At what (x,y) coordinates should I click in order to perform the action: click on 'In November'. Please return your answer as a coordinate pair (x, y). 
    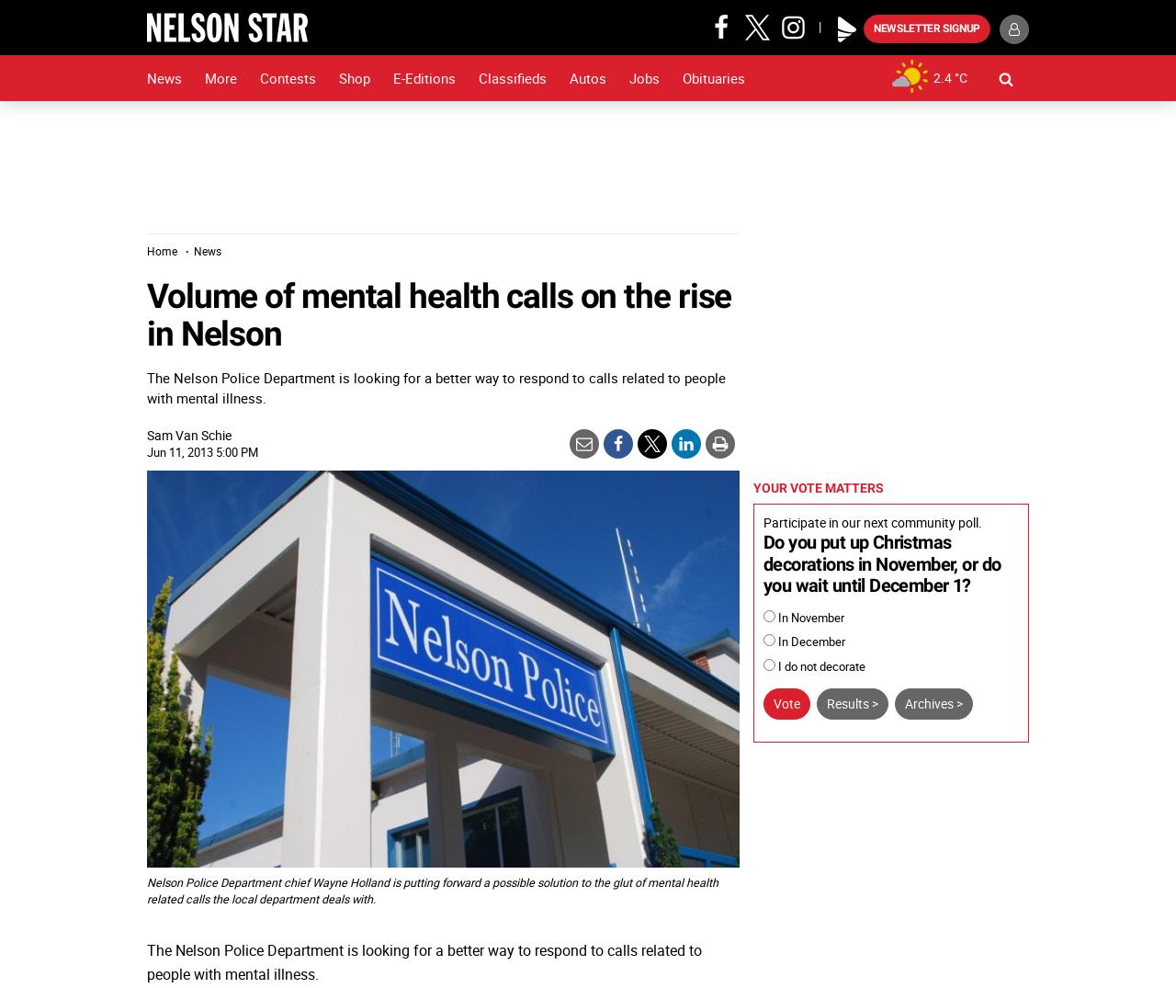
    Looking at the image, I should click on (808, 617).